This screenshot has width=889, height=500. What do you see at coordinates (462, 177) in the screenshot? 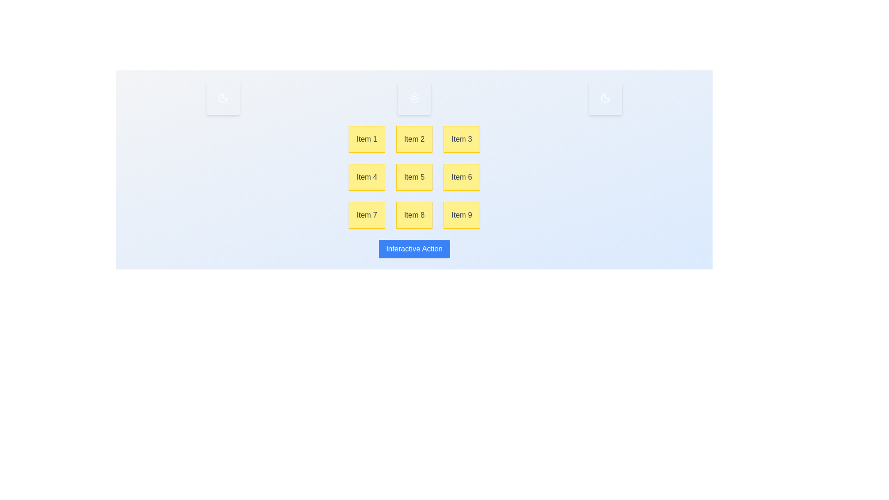
I see `the static label element displaying 'Item 6' located in the second row and third column of the grid layout, which has a yellow background and a border` at bounding box center [462, 177].